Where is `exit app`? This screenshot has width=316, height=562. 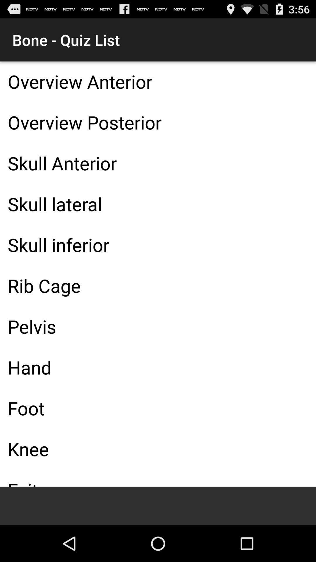
exit app is located at coordinates (158, 478).